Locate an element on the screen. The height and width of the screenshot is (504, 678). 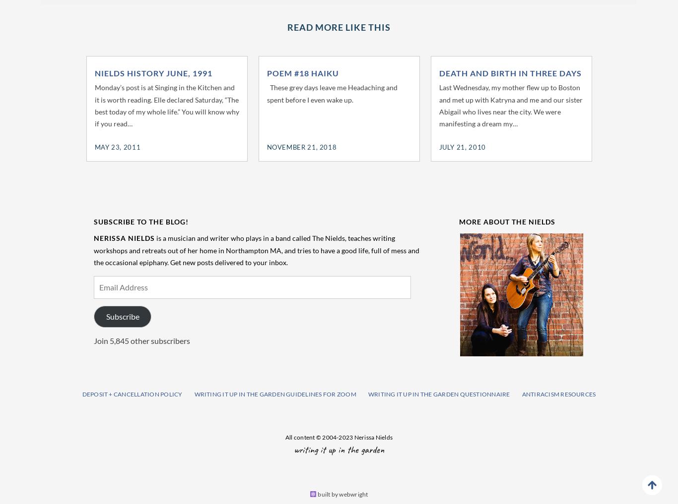
'more about the Nields' is located at coordinates (507, 222).